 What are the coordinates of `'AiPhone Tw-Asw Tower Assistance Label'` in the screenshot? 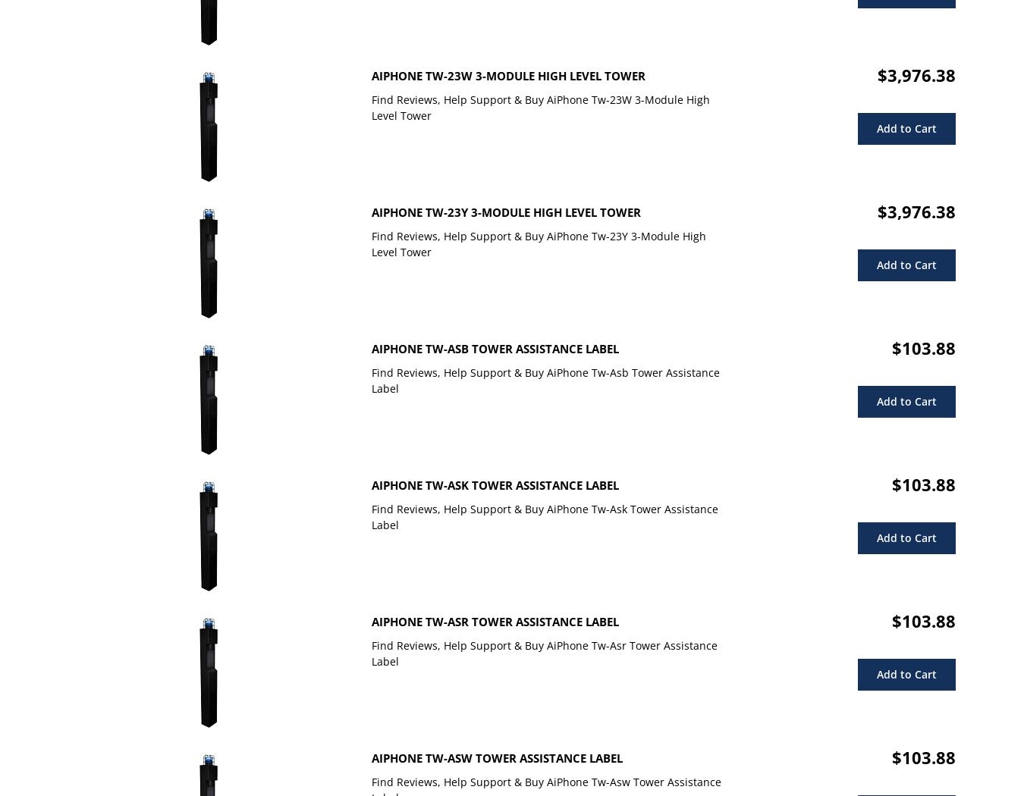 It's located at (371, 758).